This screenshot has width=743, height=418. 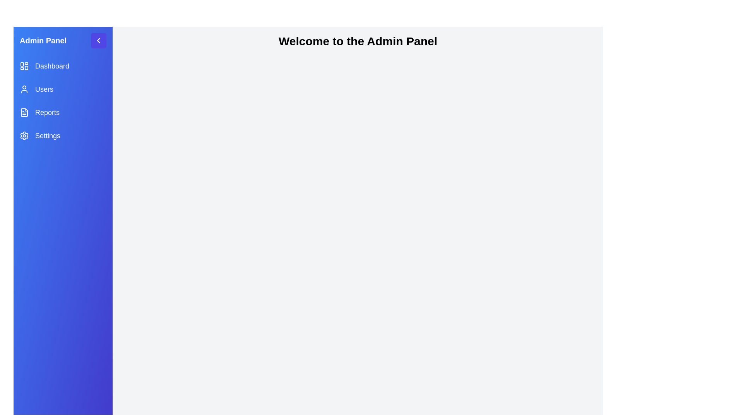 I want to click on the chevron icon located in the top-left section of the layout inside the sidebar, so click(x=98, y=40).